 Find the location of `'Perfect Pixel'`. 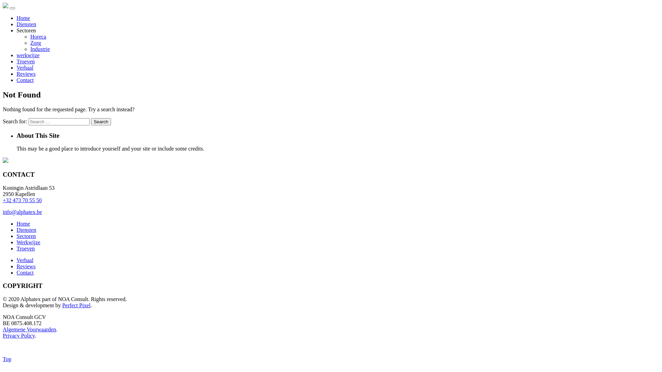

'Perfect Pixel' is located at coordinates (76, 305).